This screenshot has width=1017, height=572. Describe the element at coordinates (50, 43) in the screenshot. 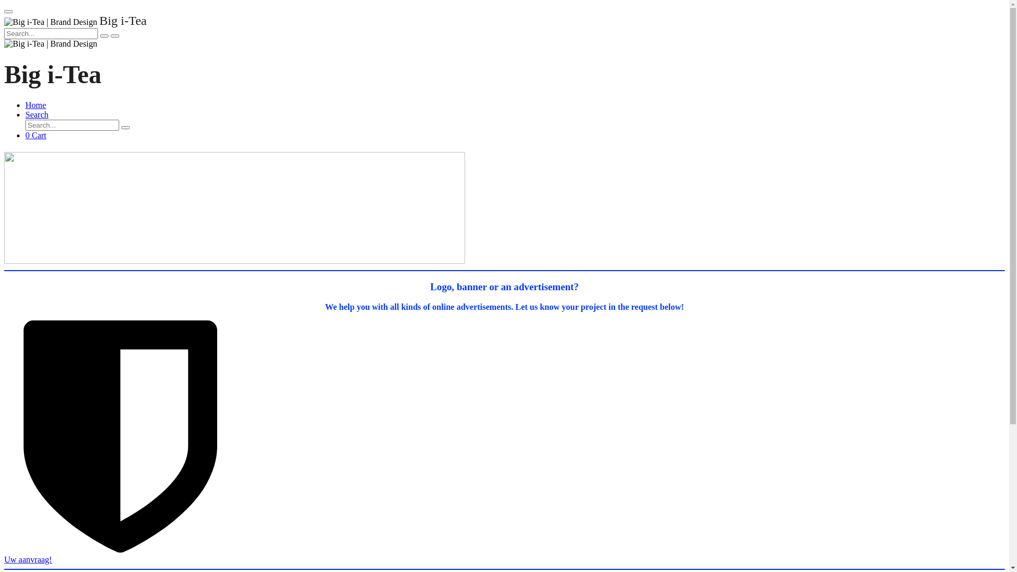

I see `'Big i-Tea | Brand Design'` at that location.